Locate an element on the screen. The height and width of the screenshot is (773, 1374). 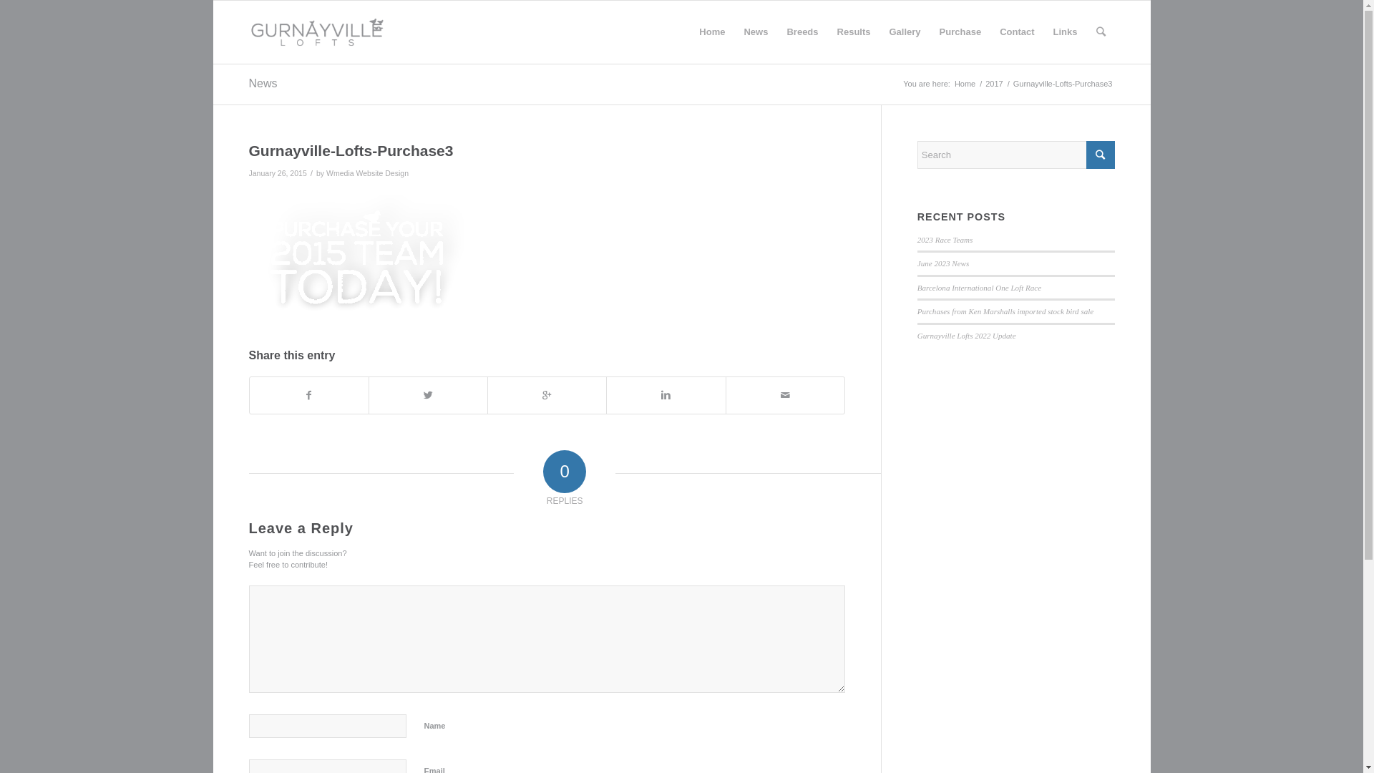
'2023 Race Teams' is located at coordinates (945, 239).